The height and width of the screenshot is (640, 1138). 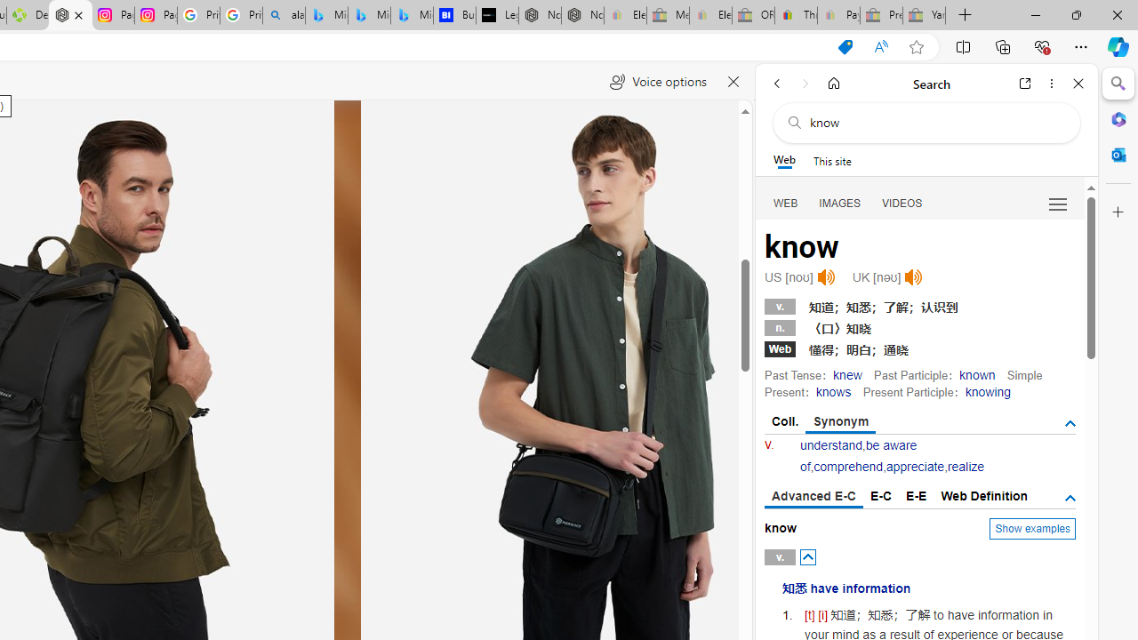 What do you see at coordinates (983, 496) in the screenshot?
I see `'Web Definition'` at bounding box center [983, 496].